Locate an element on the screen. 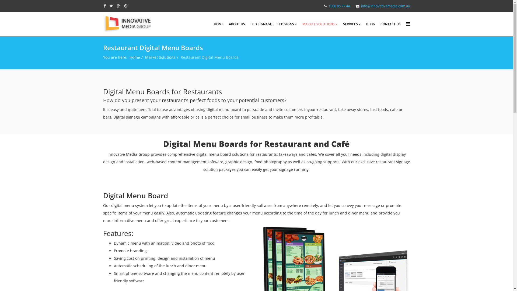  'HOME' is located at coordinates (218, 24).